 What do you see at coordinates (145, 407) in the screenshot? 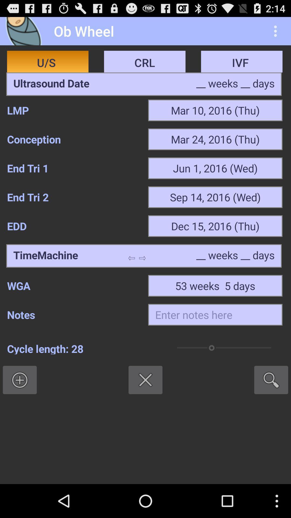
I see `the close icon` at bounding box center [145, 407].